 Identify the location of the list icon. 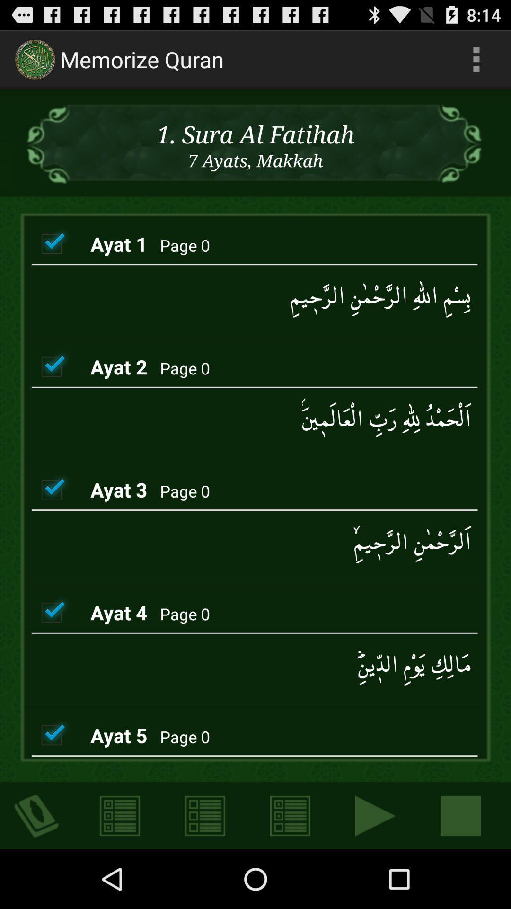
(290, 873).